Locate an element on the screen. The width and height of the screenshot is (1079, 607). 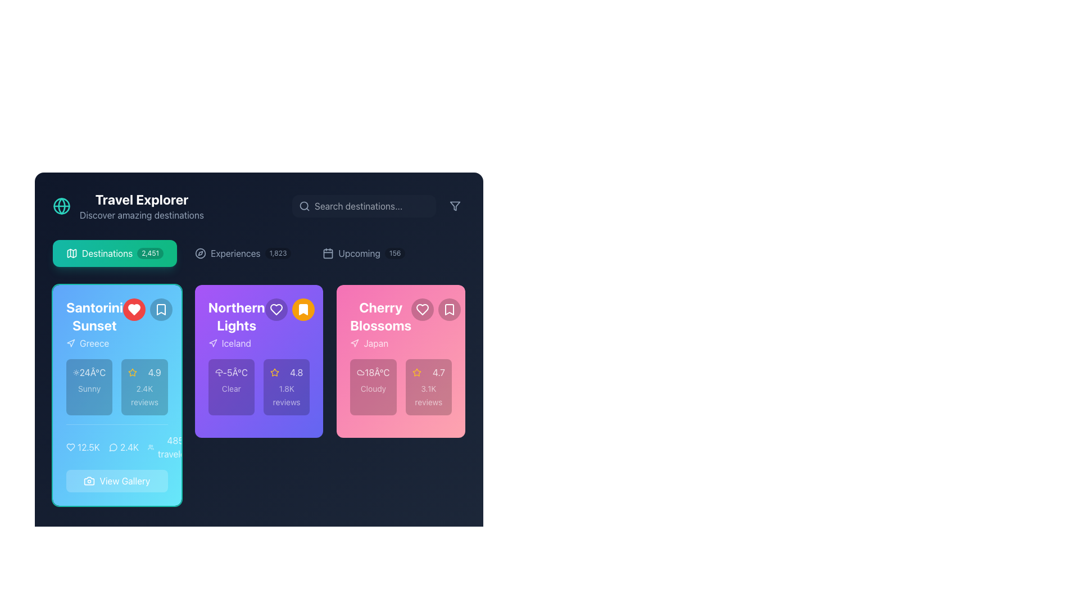
the circular icon button resembling a funnel, located on the top-right side of the navigation bar, adjacent to the search bar is located at coordinates (455, 206).